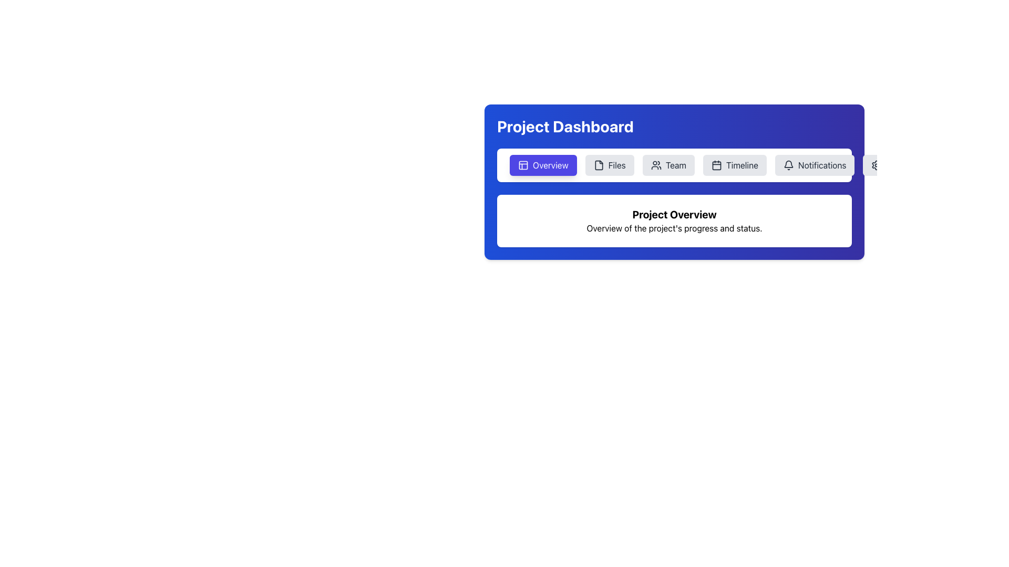 The height and width of the screenshot is (567, 1009). I want to click on the sixth button in the horizontal navigation bar at the top of the dashboard, so click(894, 165).